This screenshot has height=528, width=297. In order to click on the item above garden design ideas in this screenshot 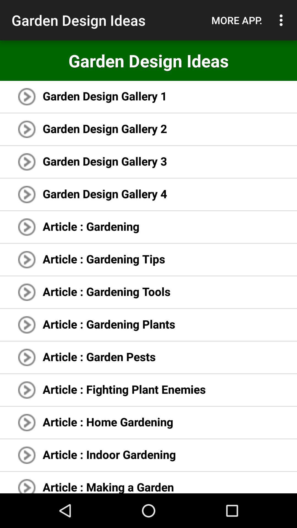, I will do `click(282, 20)`.